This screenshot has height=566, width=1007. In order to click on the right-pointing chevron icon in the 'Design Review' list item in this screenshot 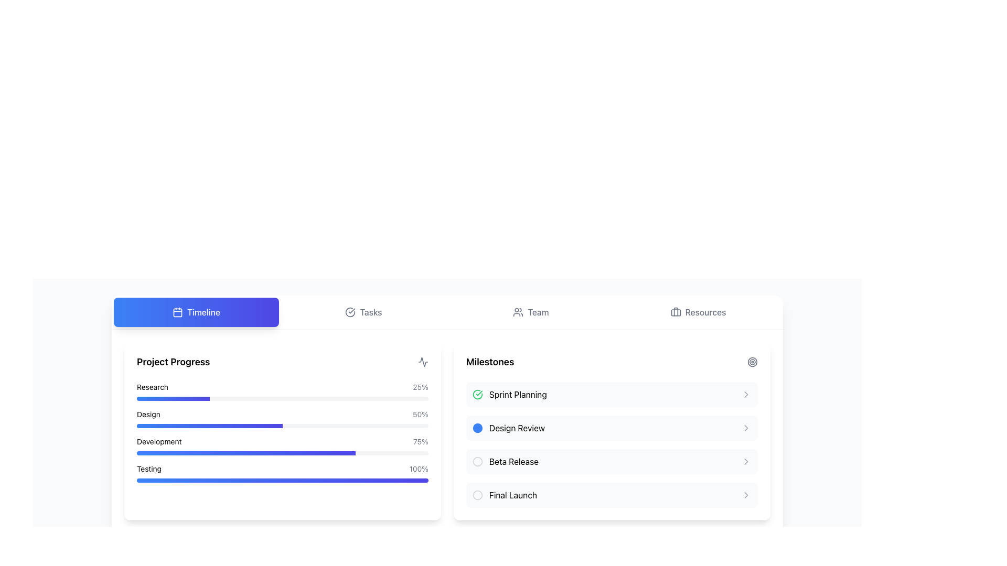, I will do `click(745, 428)`.